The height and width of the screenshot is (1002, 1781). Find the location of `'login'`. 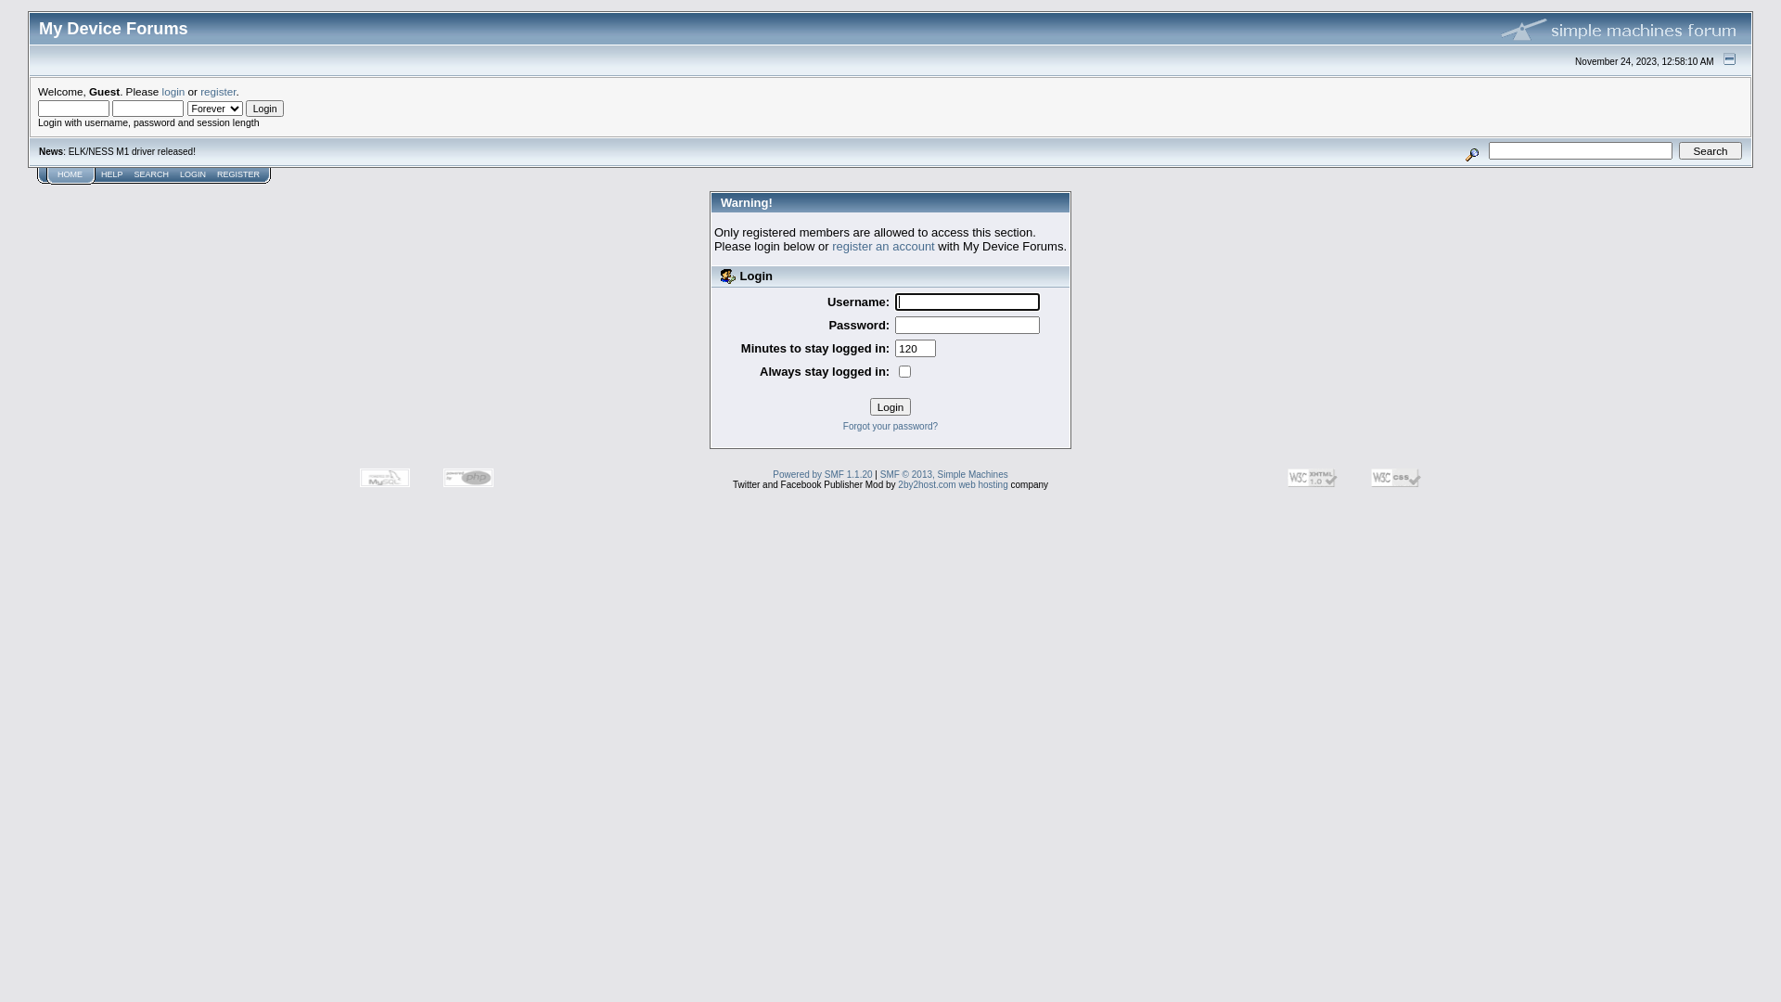

'login' is located at coordinates (173, 91).